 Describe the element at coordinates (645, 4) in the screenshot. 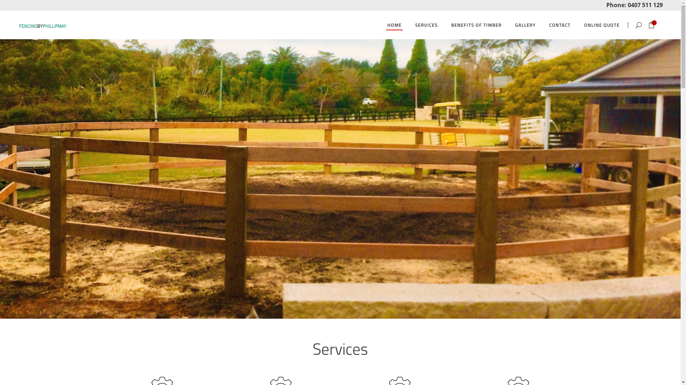

I see `'0407 511 129'` at that location.